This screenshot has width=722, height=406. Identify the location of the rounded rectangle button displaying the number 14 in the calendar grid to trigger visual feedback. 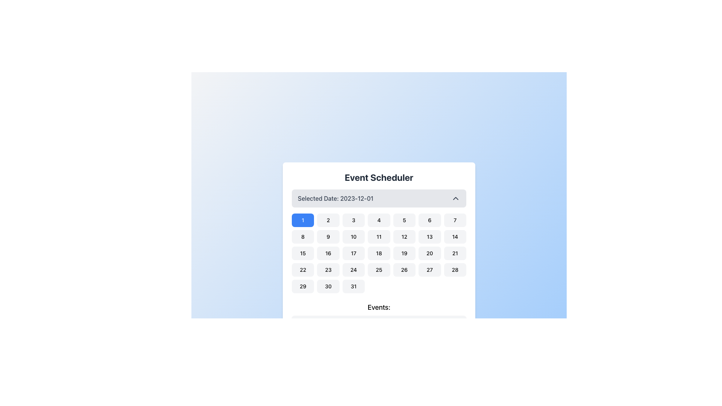
(455, 236).